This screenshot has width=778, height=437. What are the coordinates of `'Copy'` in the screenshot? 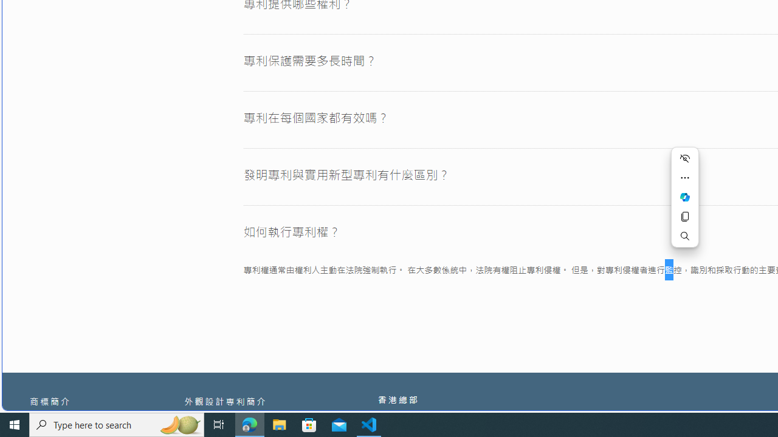 It's located at (685, 216).